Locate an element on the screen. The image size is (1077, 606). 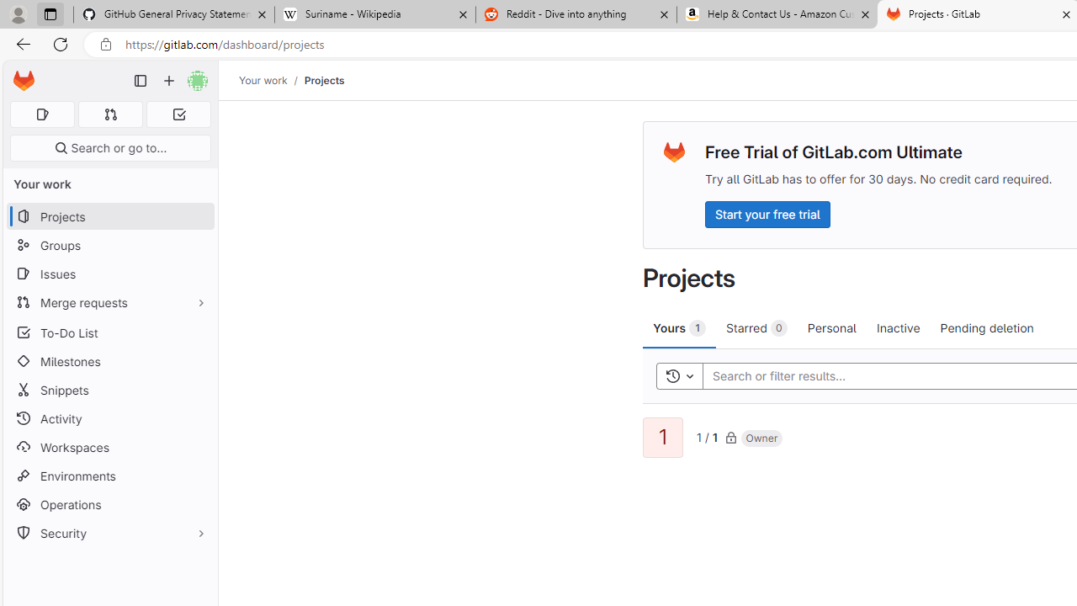
'Merge requests' is located at coordinates (109, 301).